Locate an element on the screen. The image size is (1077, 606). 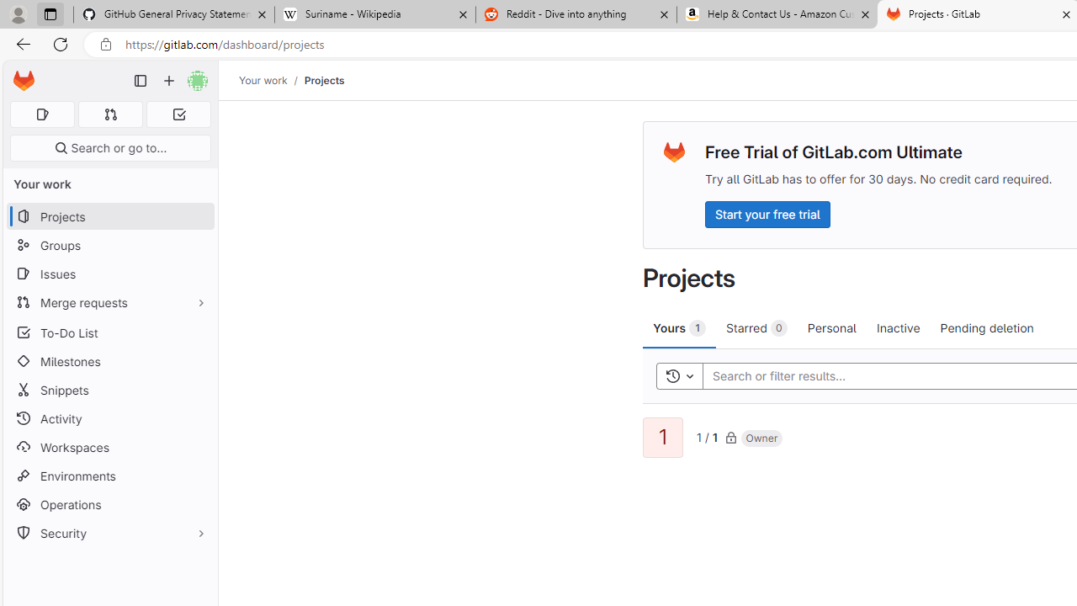
'Merge requests' is located at coordinates (109, 301).